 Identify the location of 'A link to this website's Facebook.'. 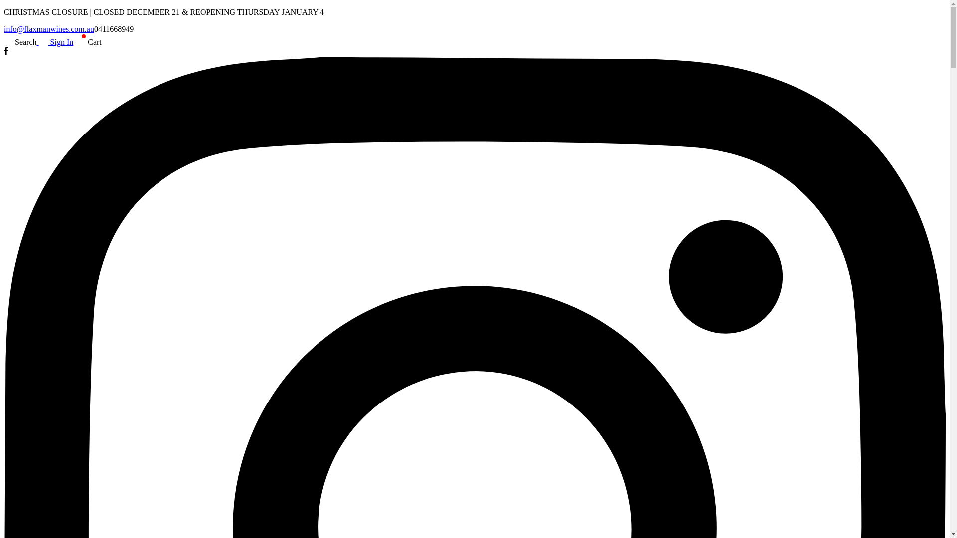
(6, 52).